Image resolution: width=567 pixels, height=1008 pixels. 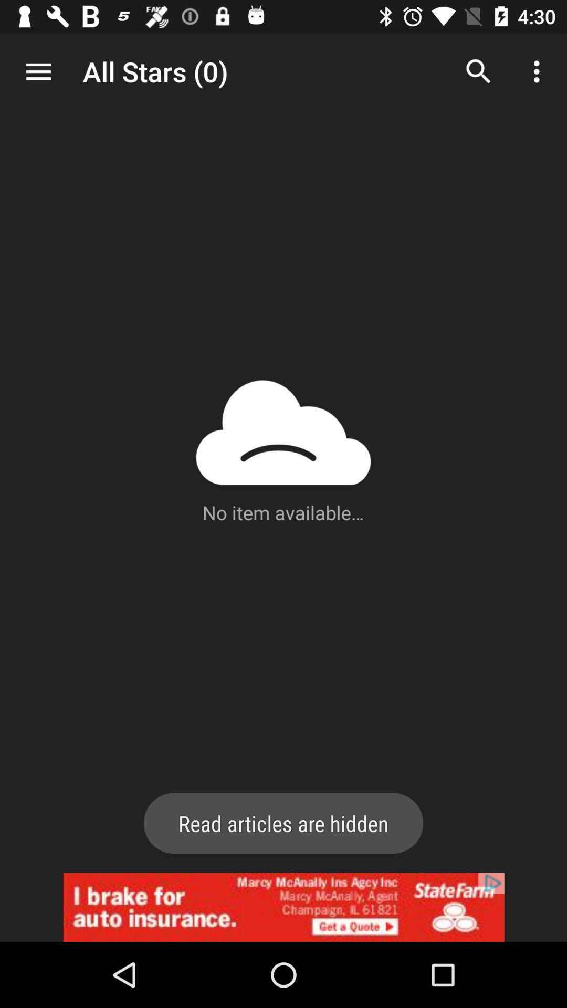 I want to click on advertisement click, so click(x=283, y=907).